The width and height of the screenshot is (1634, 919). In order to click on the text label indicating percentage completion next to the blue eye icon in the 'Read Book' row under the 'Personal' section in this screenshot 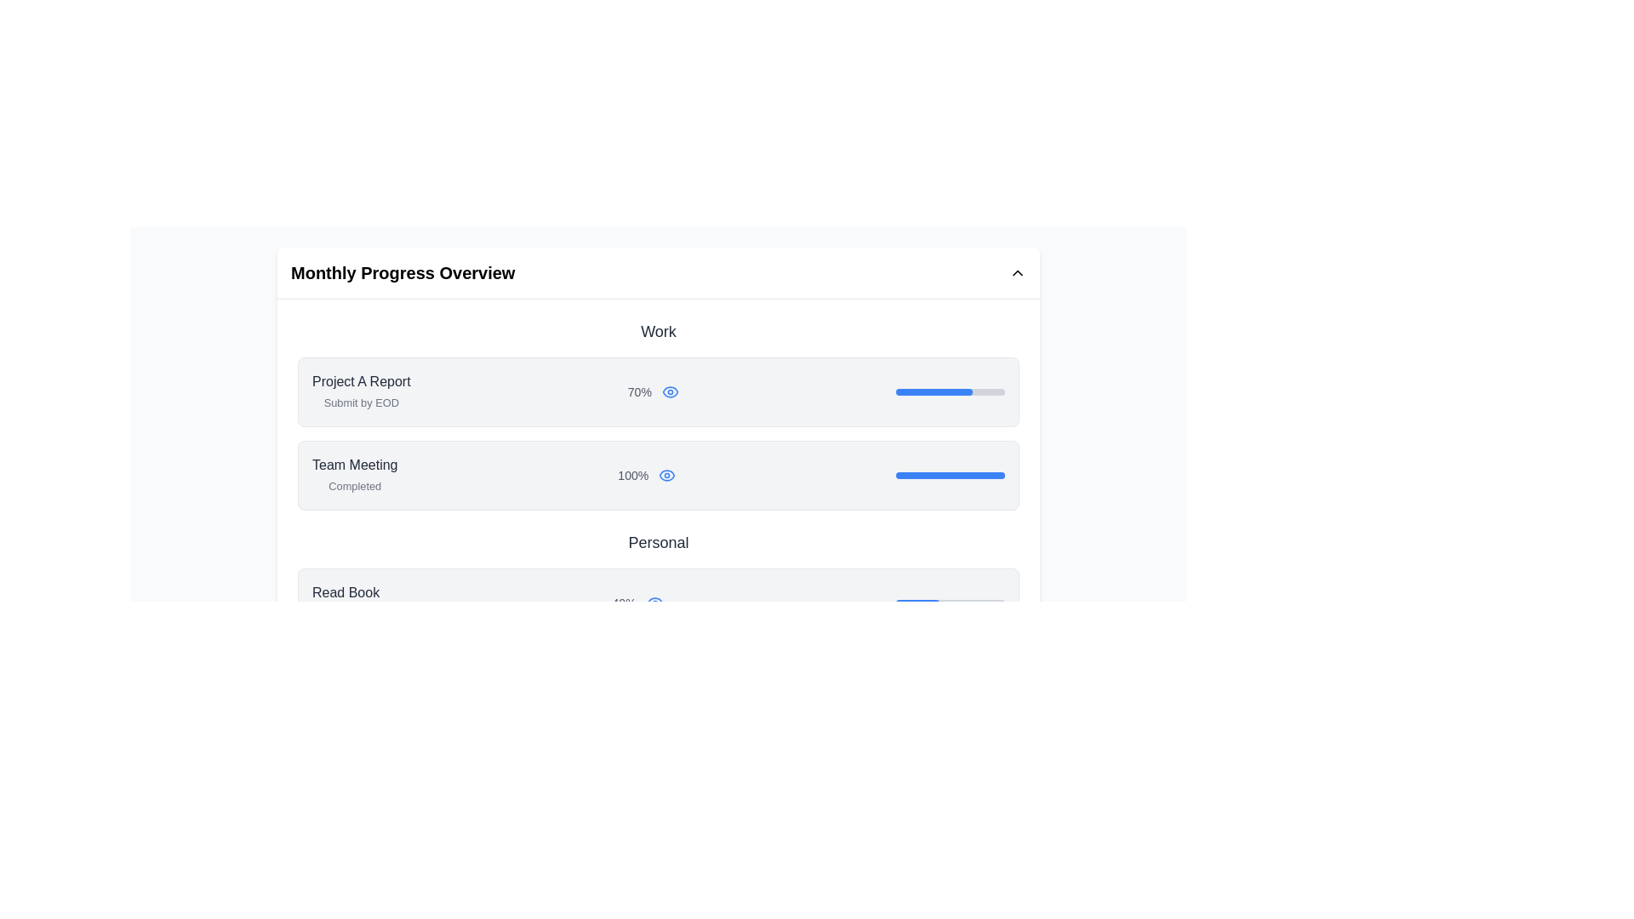, I will do `click(623, 602)`.